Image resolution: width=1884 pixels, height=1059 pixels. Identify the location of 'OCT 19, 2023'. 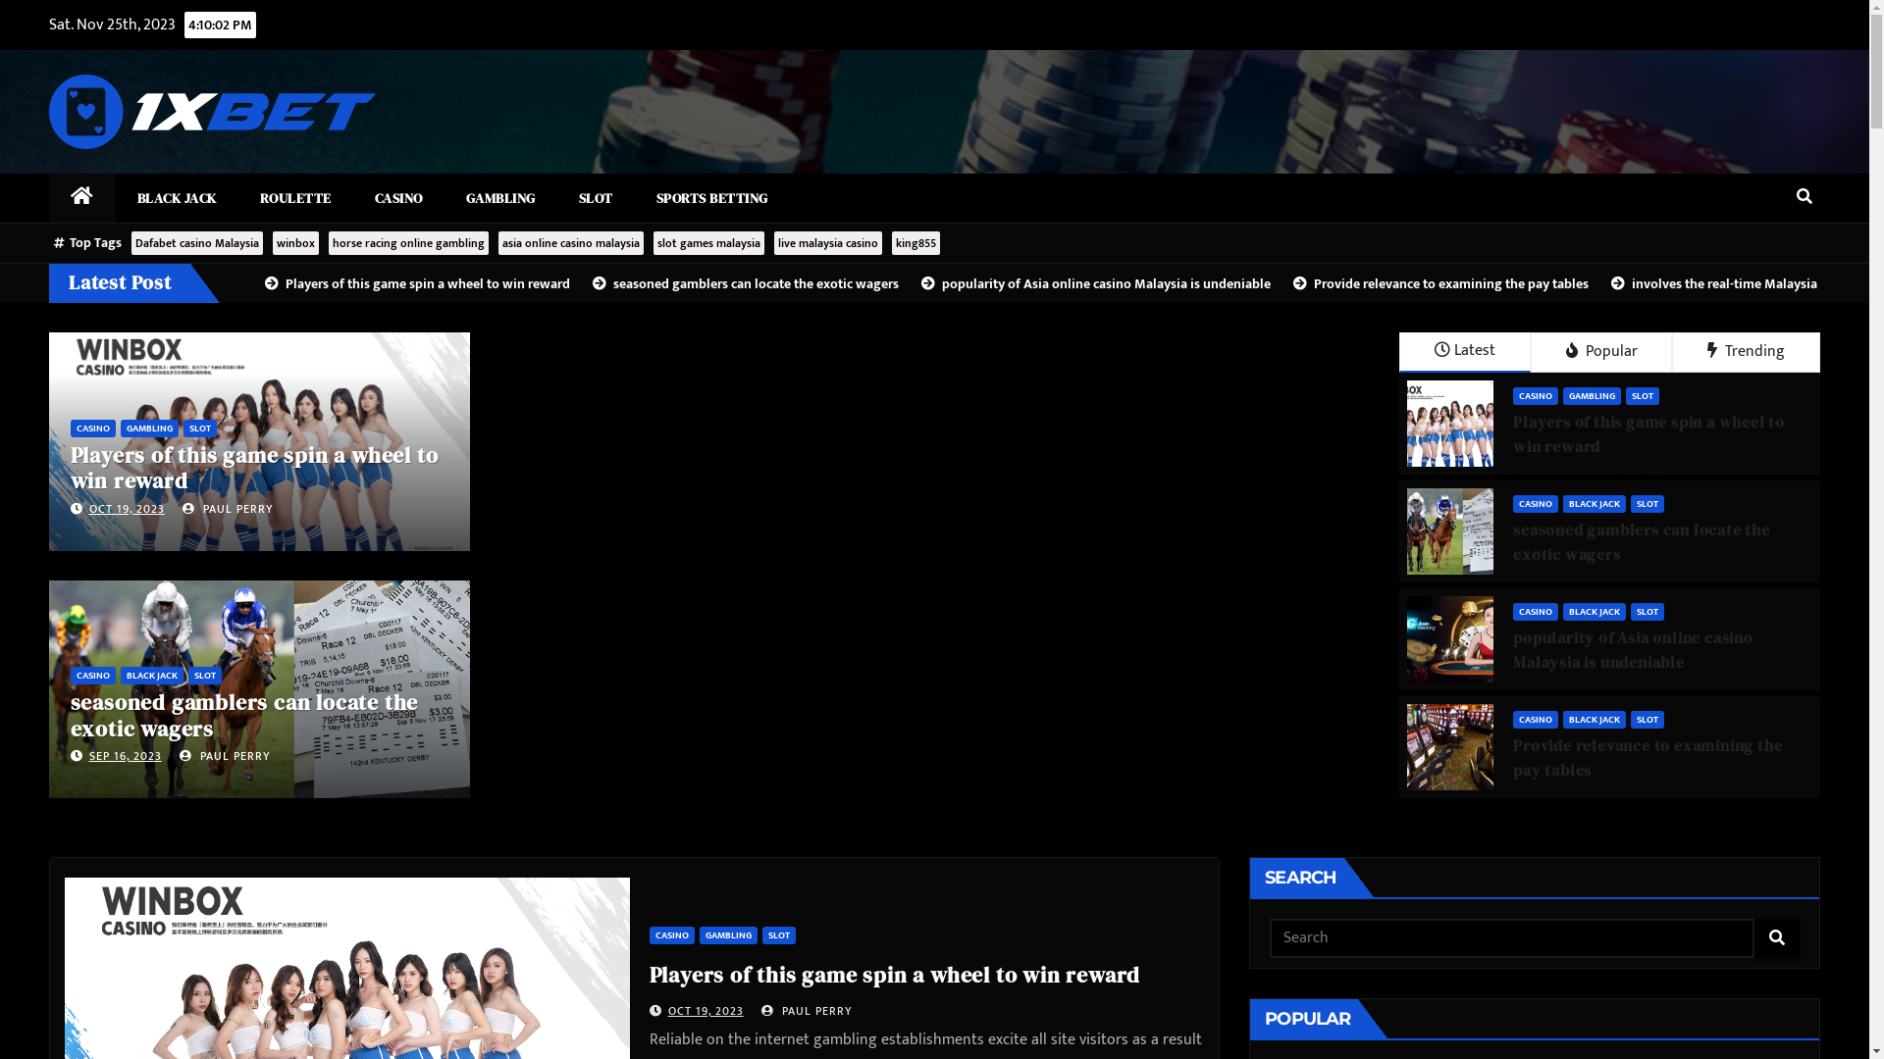
(126, 506).